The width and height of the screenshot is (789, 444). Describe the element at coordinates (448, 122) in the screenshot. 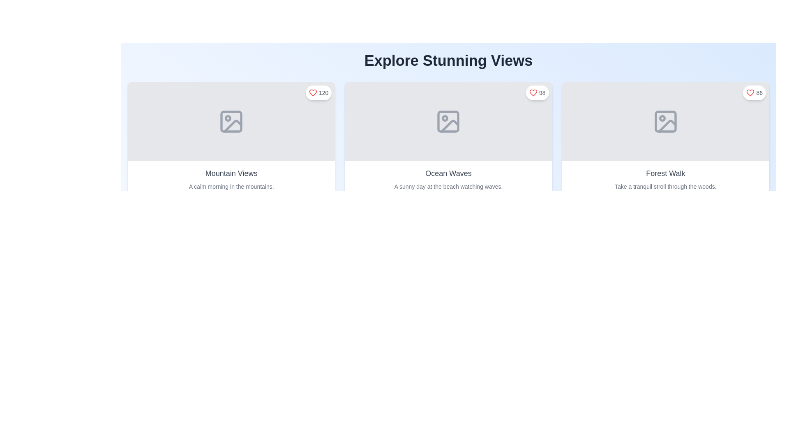

I see `the SVG image placeholder icon, which is a minimalistic design with a gray stroke, located centrally in the 'Ocean Waves' card under the 'Explore Stunning Views' section` at that location.